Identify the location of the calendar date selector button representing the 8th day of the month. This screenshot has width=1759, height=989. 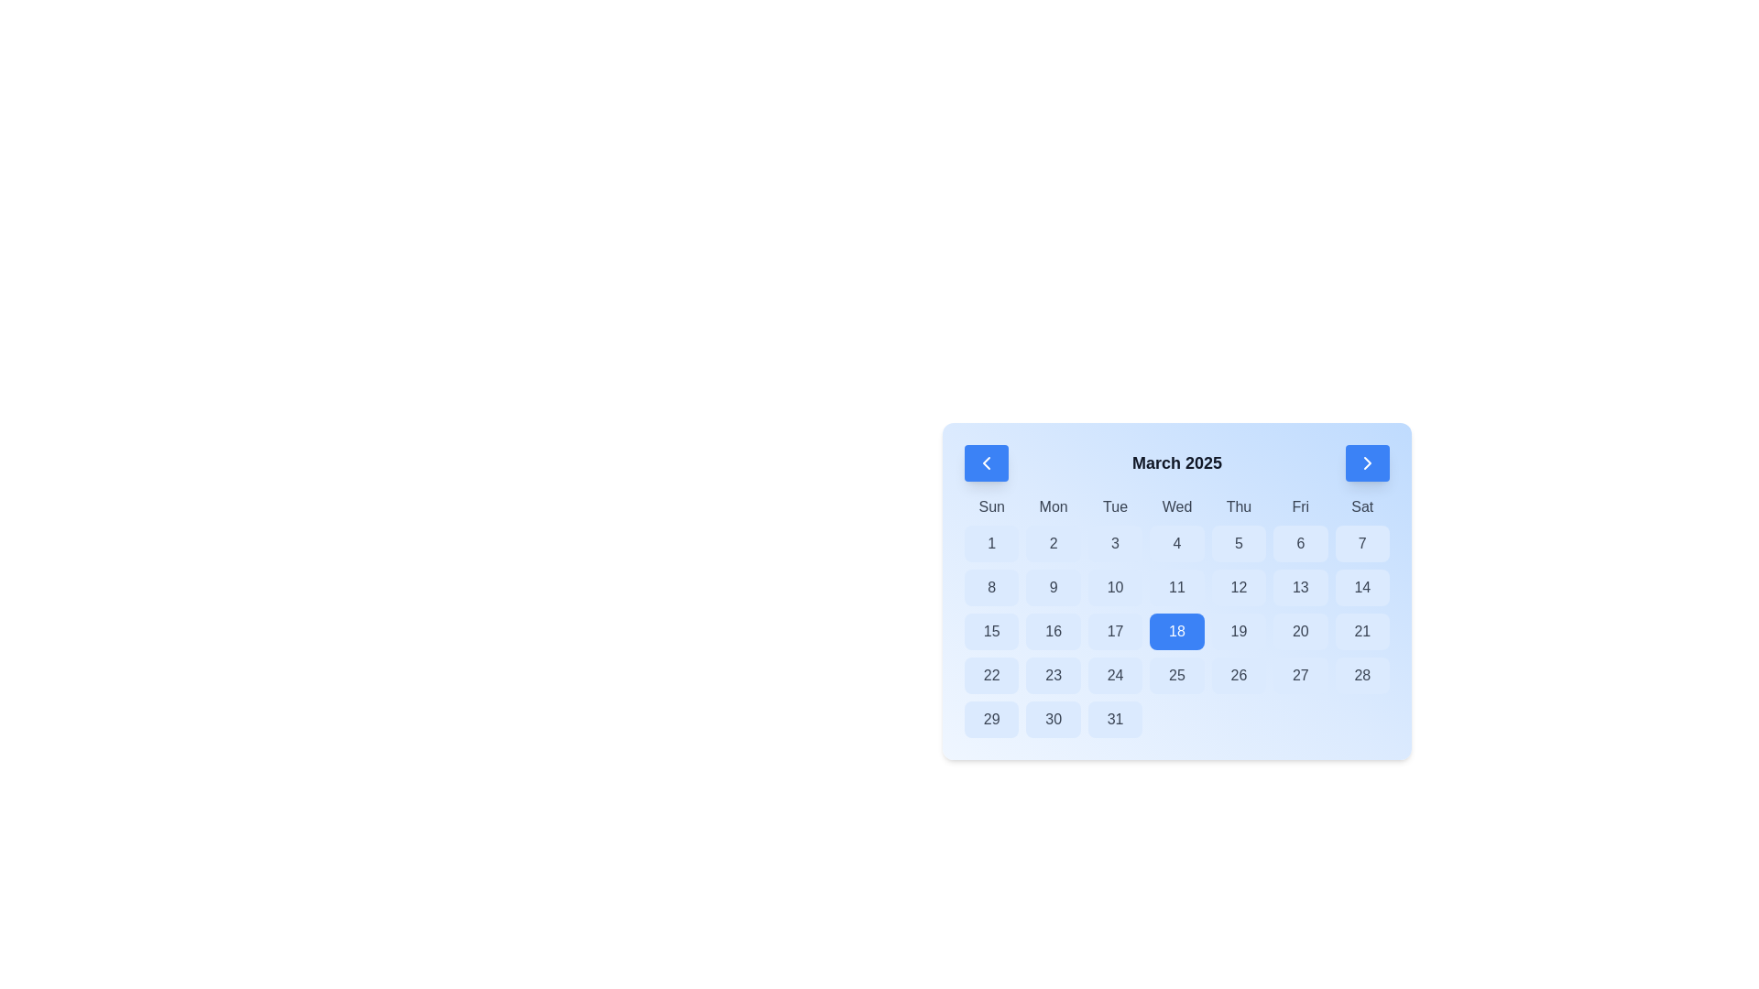
(990, 587).